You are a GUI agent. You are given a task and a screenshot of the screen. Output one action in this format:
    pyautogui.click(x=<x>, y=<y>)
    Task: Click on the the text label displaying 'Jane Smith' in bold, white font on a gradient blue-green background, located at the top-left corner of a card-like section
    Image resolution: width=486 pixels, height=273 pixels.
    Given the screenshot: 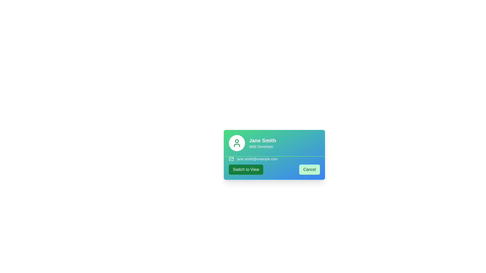 What is the action you would take?
    pyautogui.click(x=262, y=140)
    